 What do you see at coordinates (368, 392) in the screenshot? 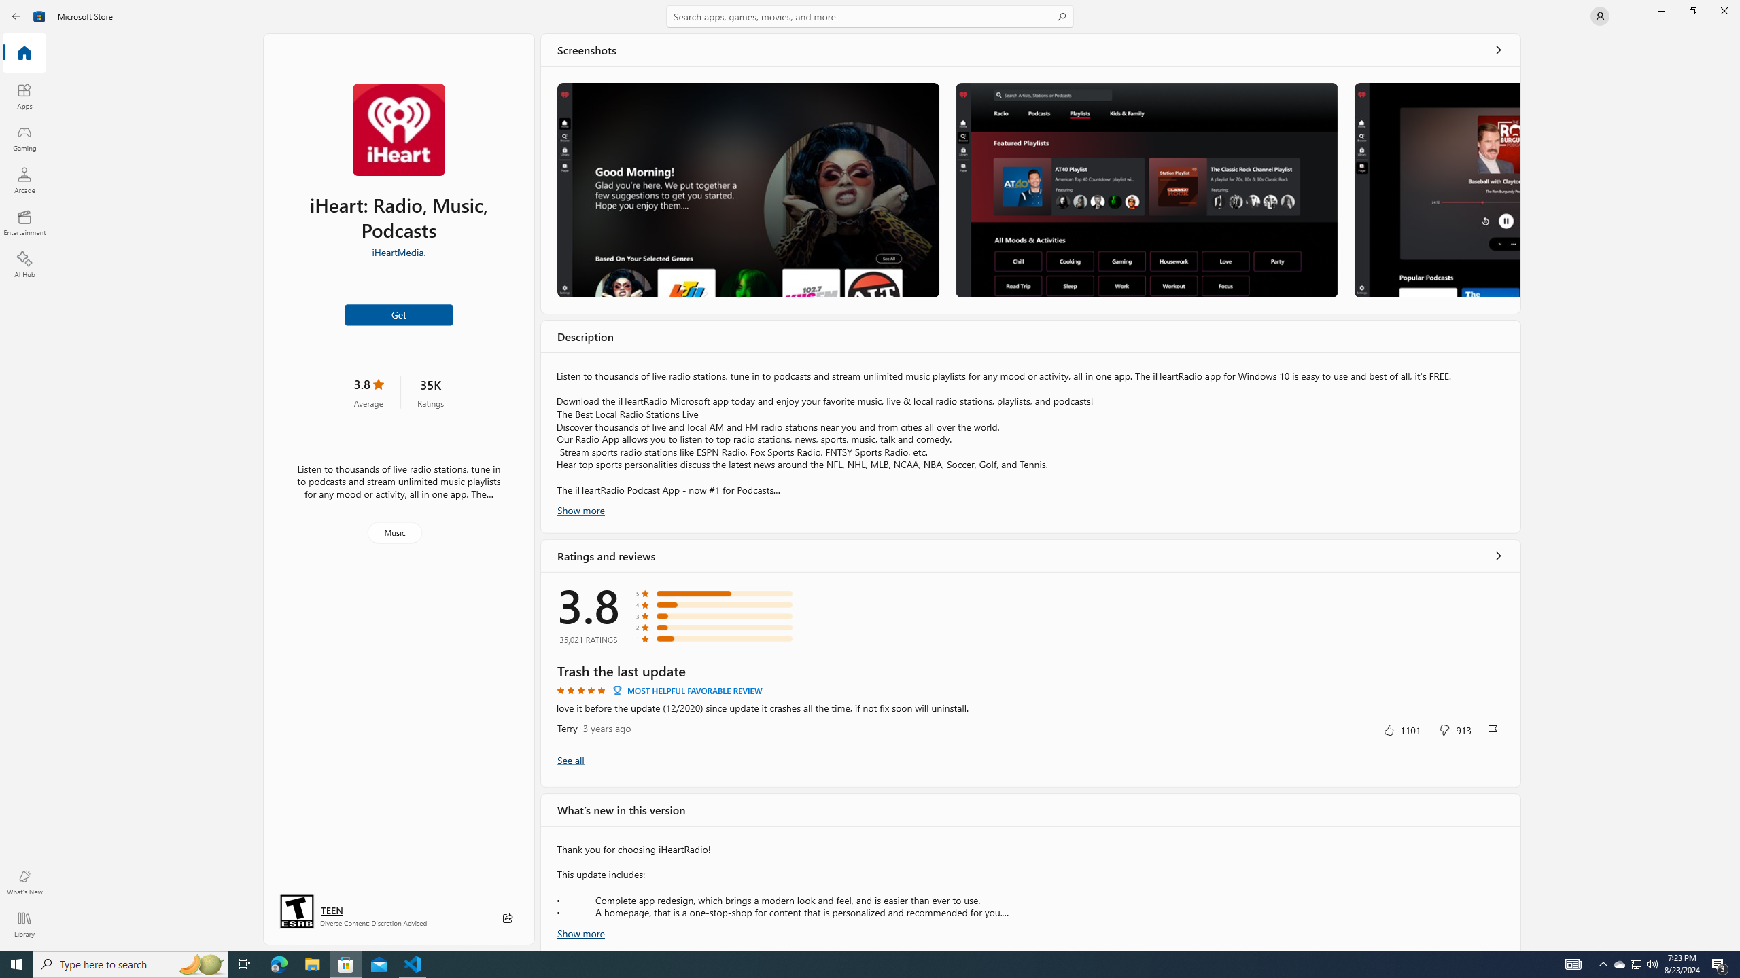
I see `'3.8 stars. Click to skip to ratings and reviews'` at bounding box center [368, 392].